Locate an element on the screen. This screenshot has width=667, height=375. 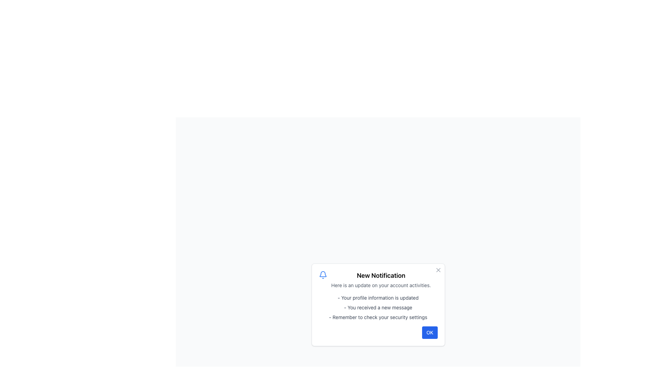
the small 'X' icon button located in the top-right corner of the notification panel is located at coordinates (438, 270).